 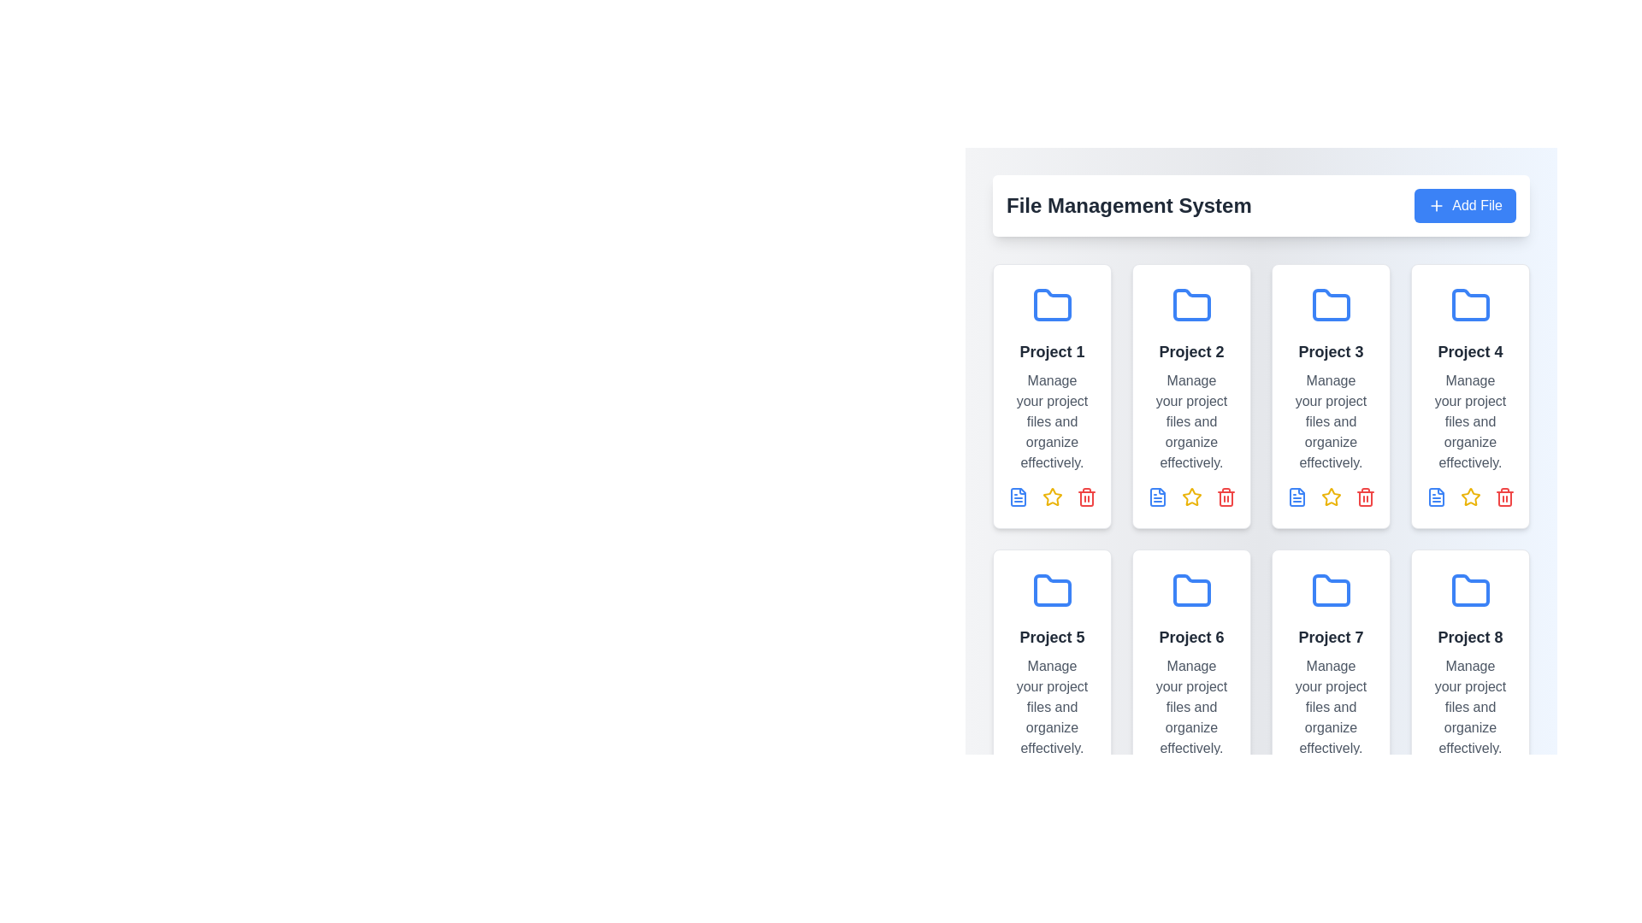 What do you see at coordinates (1469, 304) in the screenshot?
I see `the blue outlined folder icon located within the 'Project 4' card, positioned in the fourth column of the first row of the grid` at bounding box center [1469, 304].